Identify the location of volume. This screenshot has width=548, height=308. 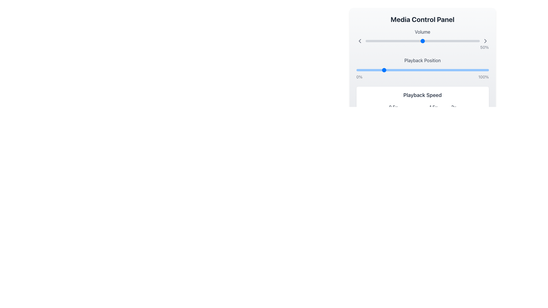
(374, 40).